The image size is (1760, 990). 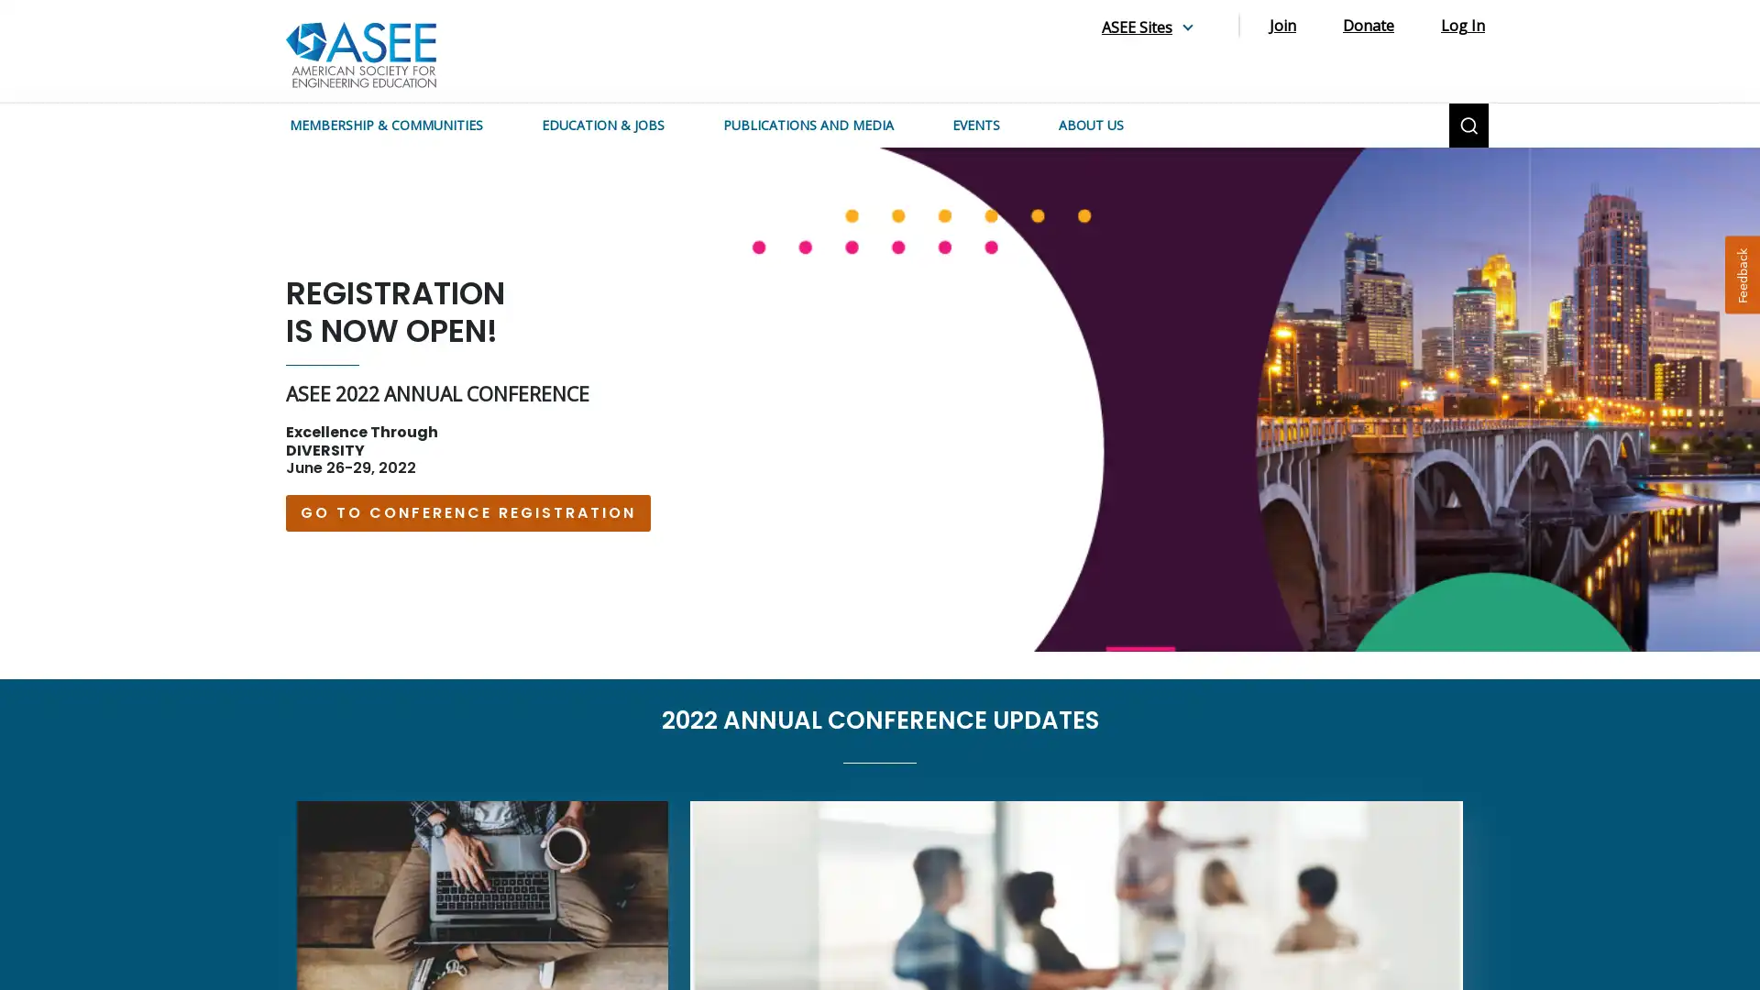 What do you see at coordinates (1468, 125) in the screenshot?
I see `search` at bounding box center [1468, 125].